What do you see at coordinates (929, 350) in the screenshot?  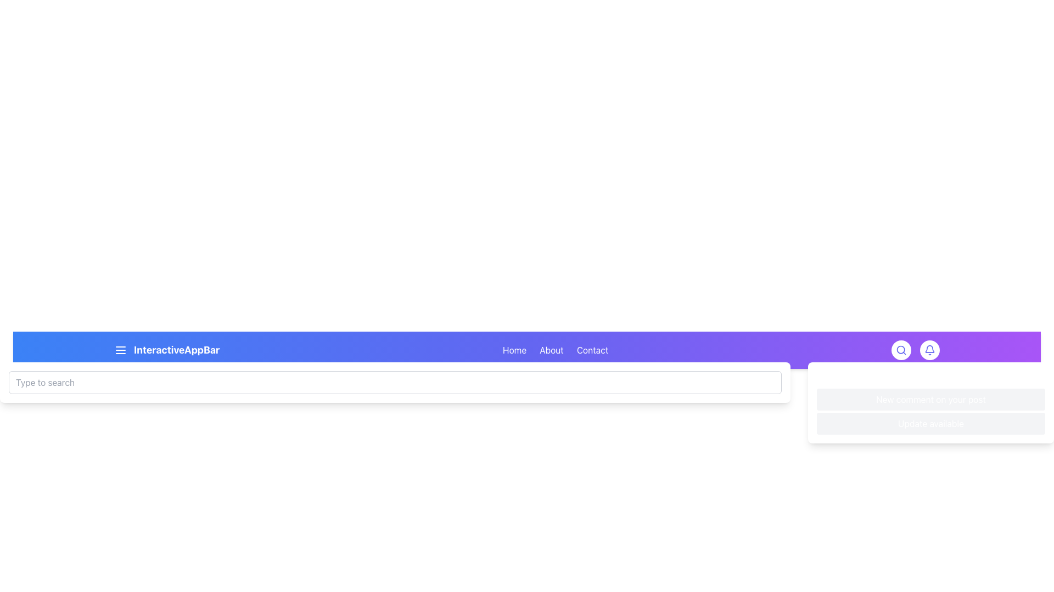 I see `the bell icon button with a white background and indigo-colored bell icon located at the top-right corner of the navigation bar` at bounding box center [929, 350].